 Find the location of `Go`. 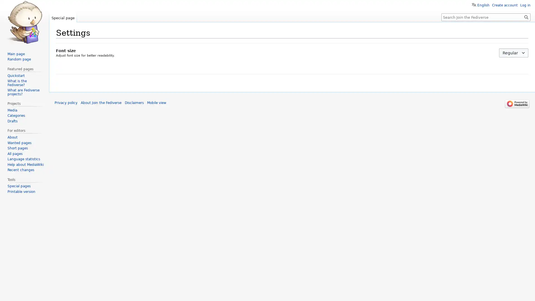

Go is located at coordinates (526, 17).